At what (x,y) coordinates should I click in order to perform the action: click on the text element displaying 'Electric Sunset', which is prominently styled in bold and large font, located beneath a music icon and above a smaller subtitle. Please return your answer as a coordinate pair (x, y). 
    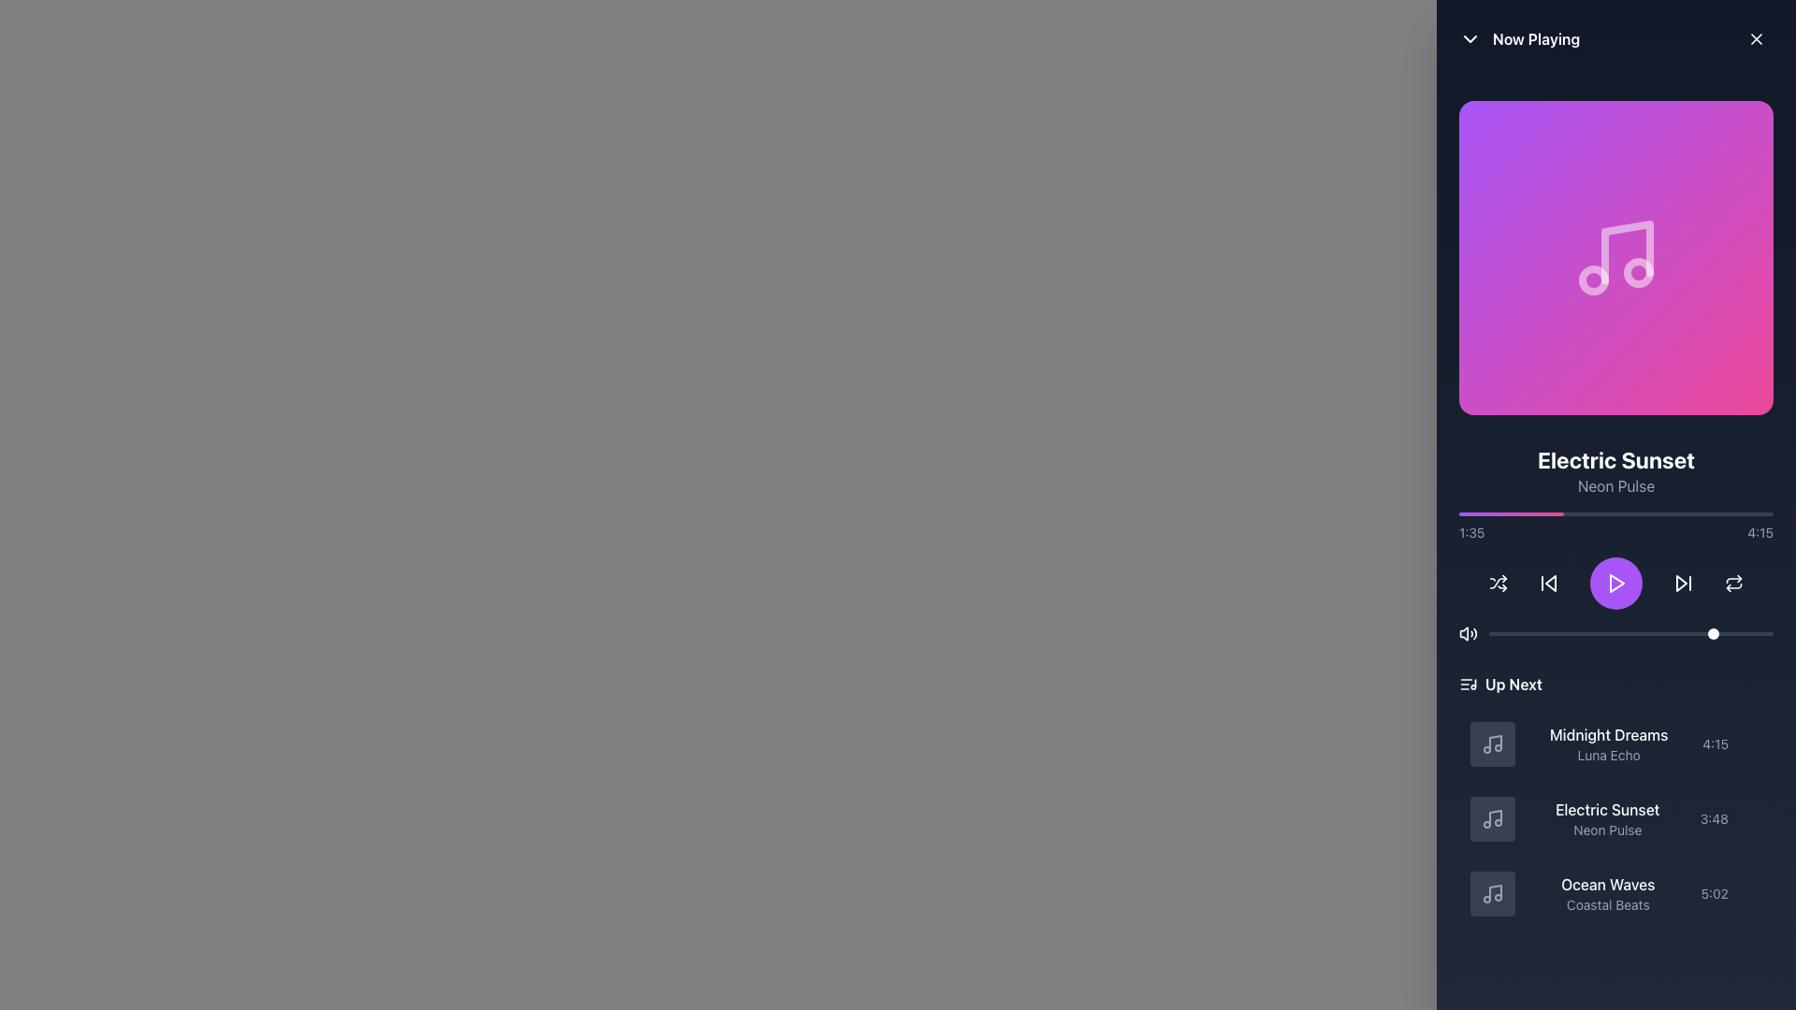
    Looking at the image, I should click on (1615, 460).